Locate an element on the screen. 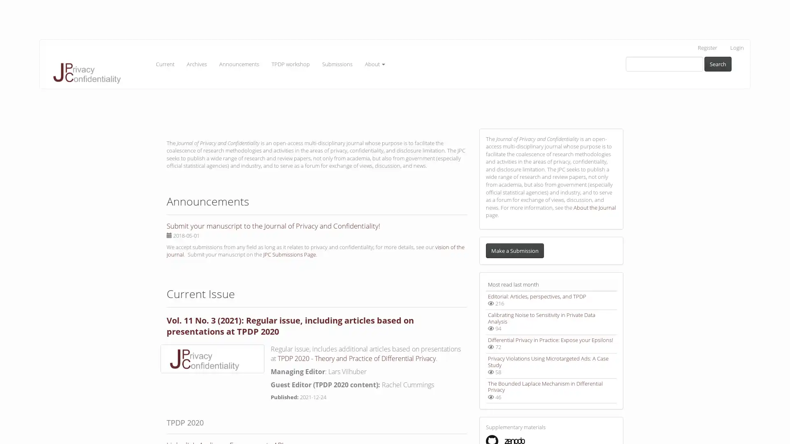  Search is located at coordinates (718, 63).